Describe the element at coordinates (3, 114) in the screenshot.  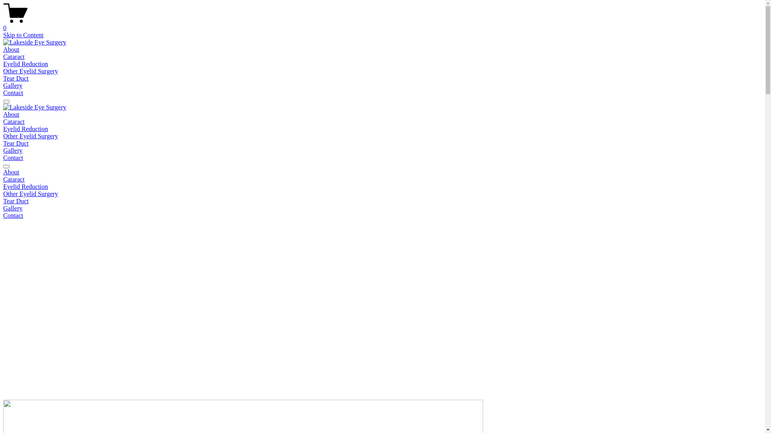
I see `'About'` at that location.